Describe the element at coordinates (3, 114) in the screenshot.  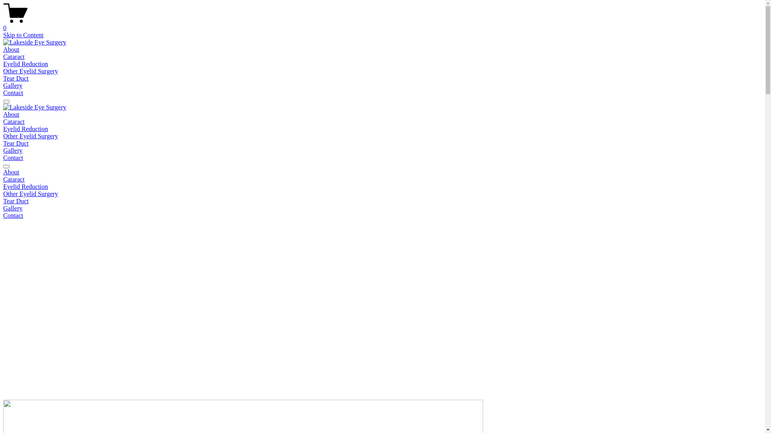
I see `'About'` at that location.